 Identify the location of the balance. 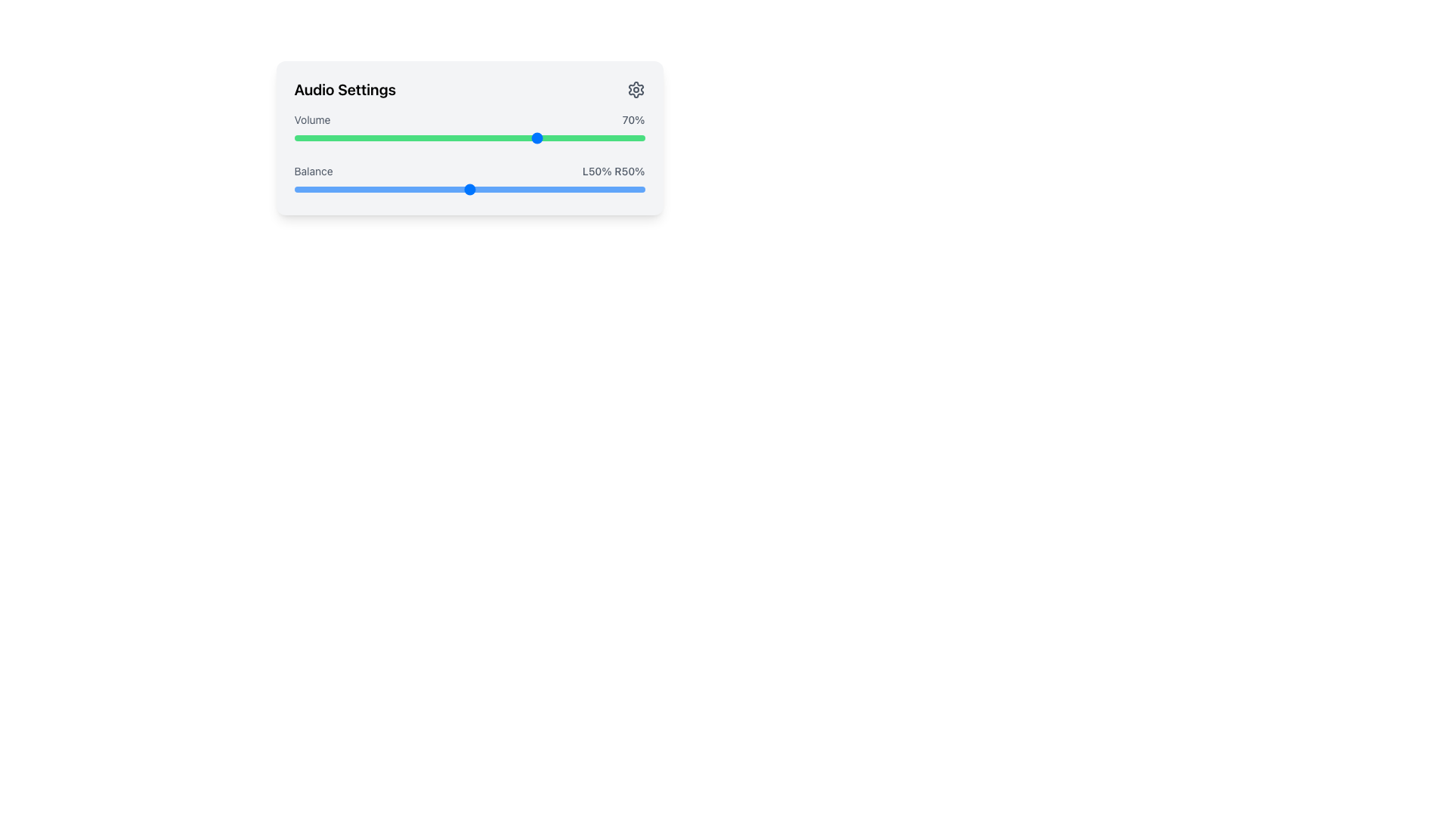
(487, 188).